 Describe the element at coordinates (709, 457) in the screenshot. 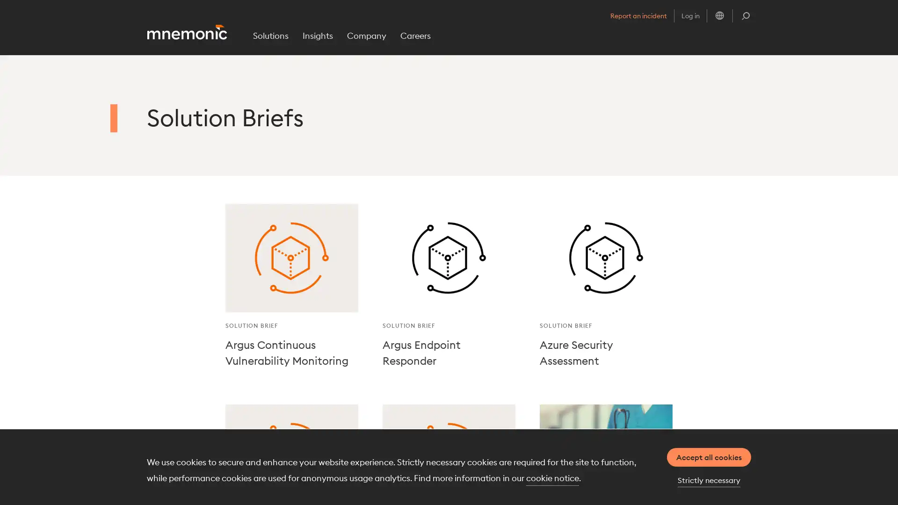

I see `Accept all cookies` at that location.